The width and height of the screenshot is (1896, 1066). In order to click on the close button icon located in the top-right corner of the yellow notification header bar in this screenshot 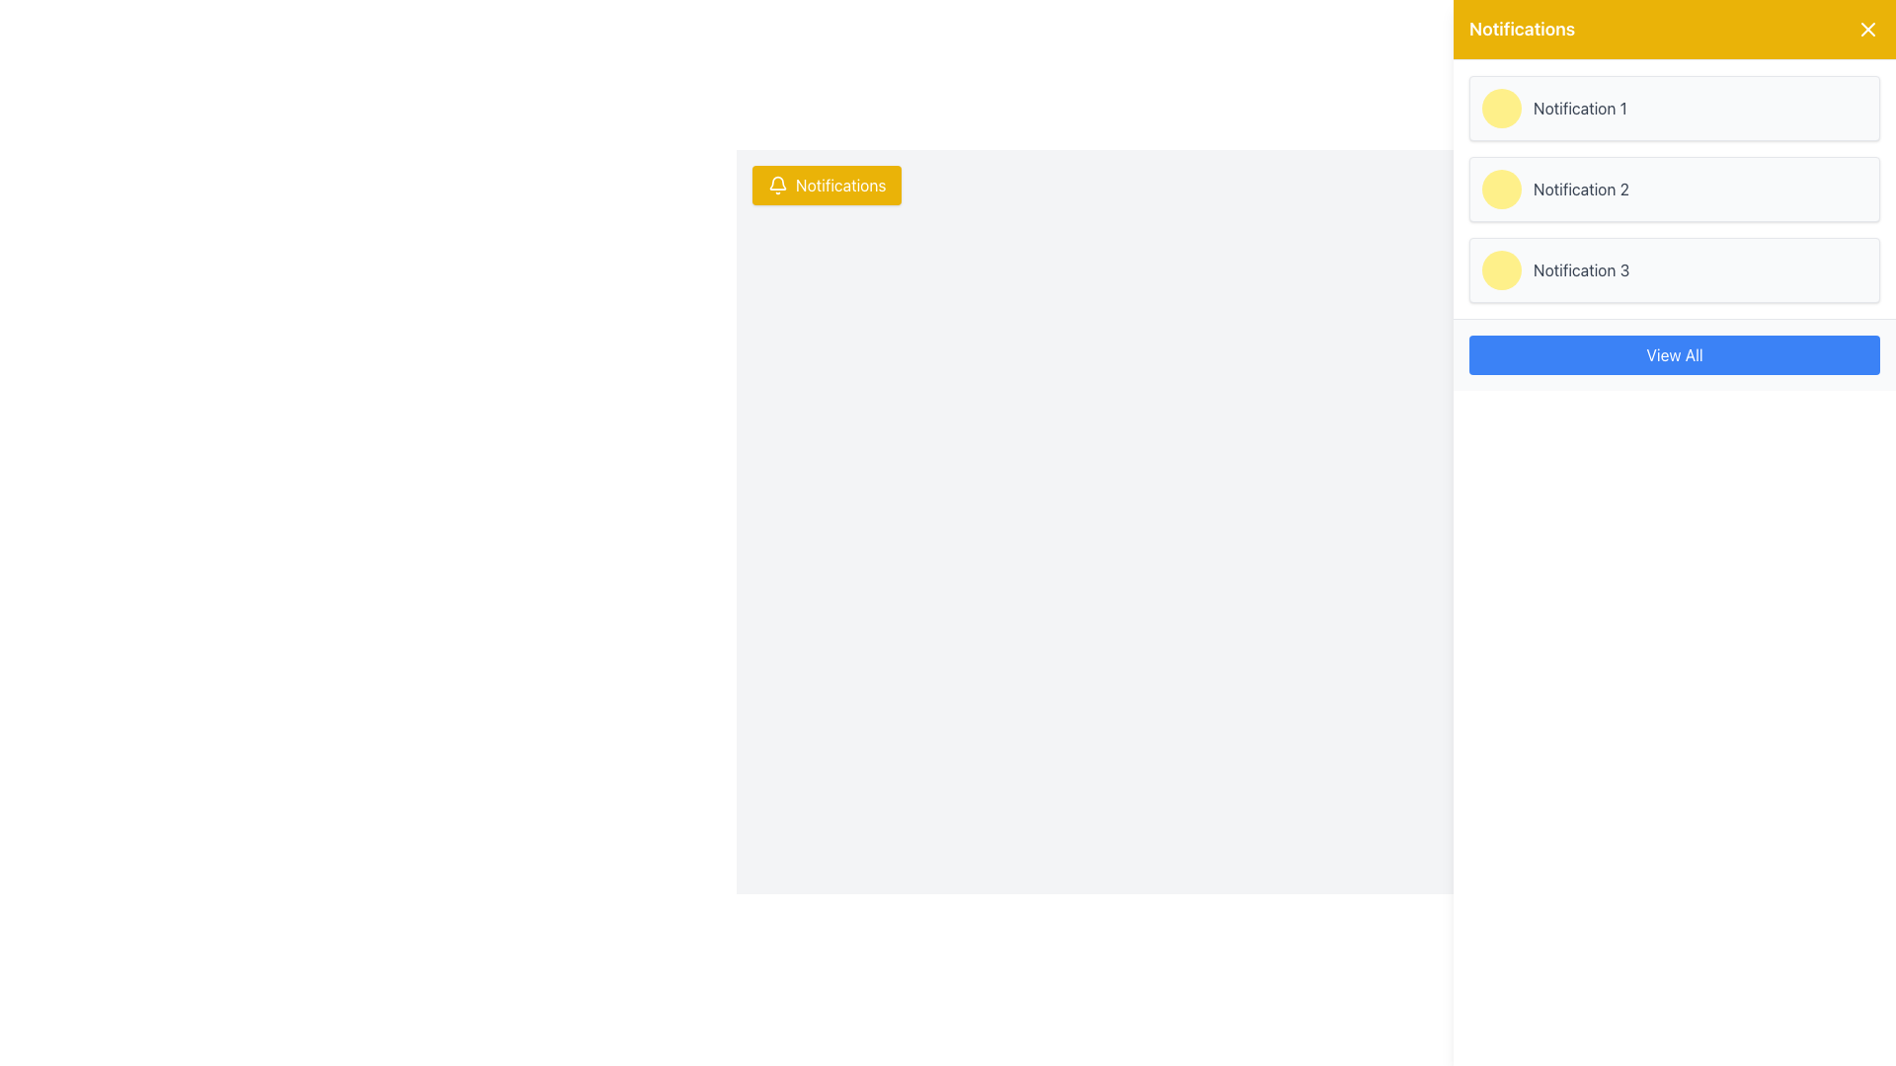, I will do `click(1866, 30)`.